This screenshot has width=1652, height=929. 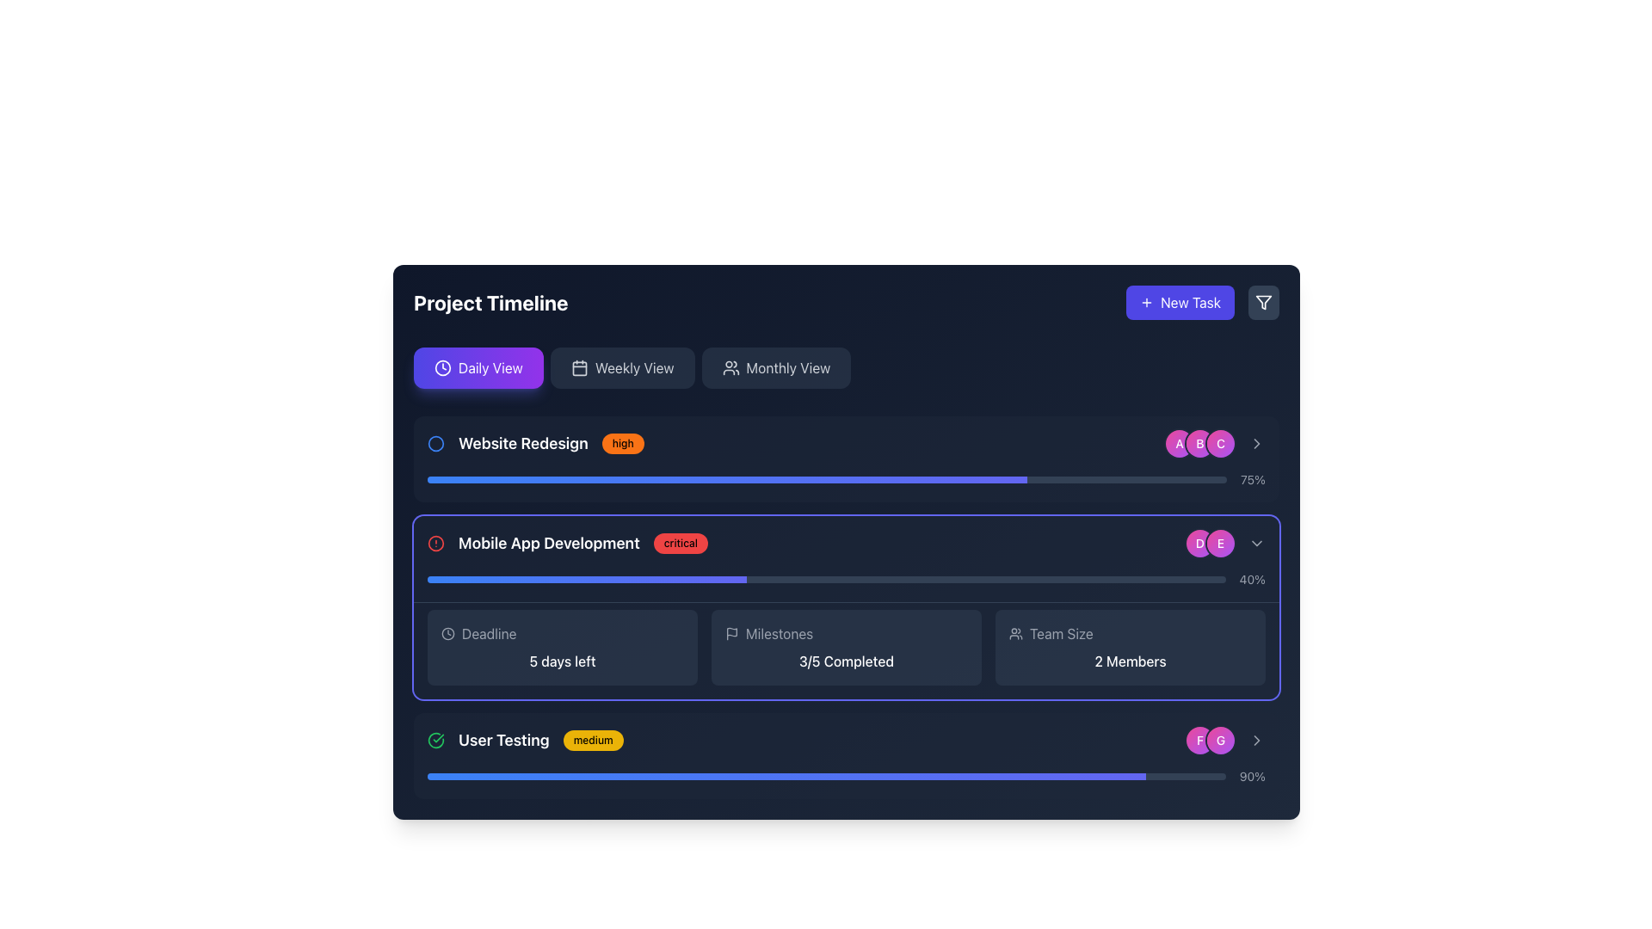 I want to click on the filter button with a dark slate-gray background and a funnel icon, so click(x=1263, y=301).